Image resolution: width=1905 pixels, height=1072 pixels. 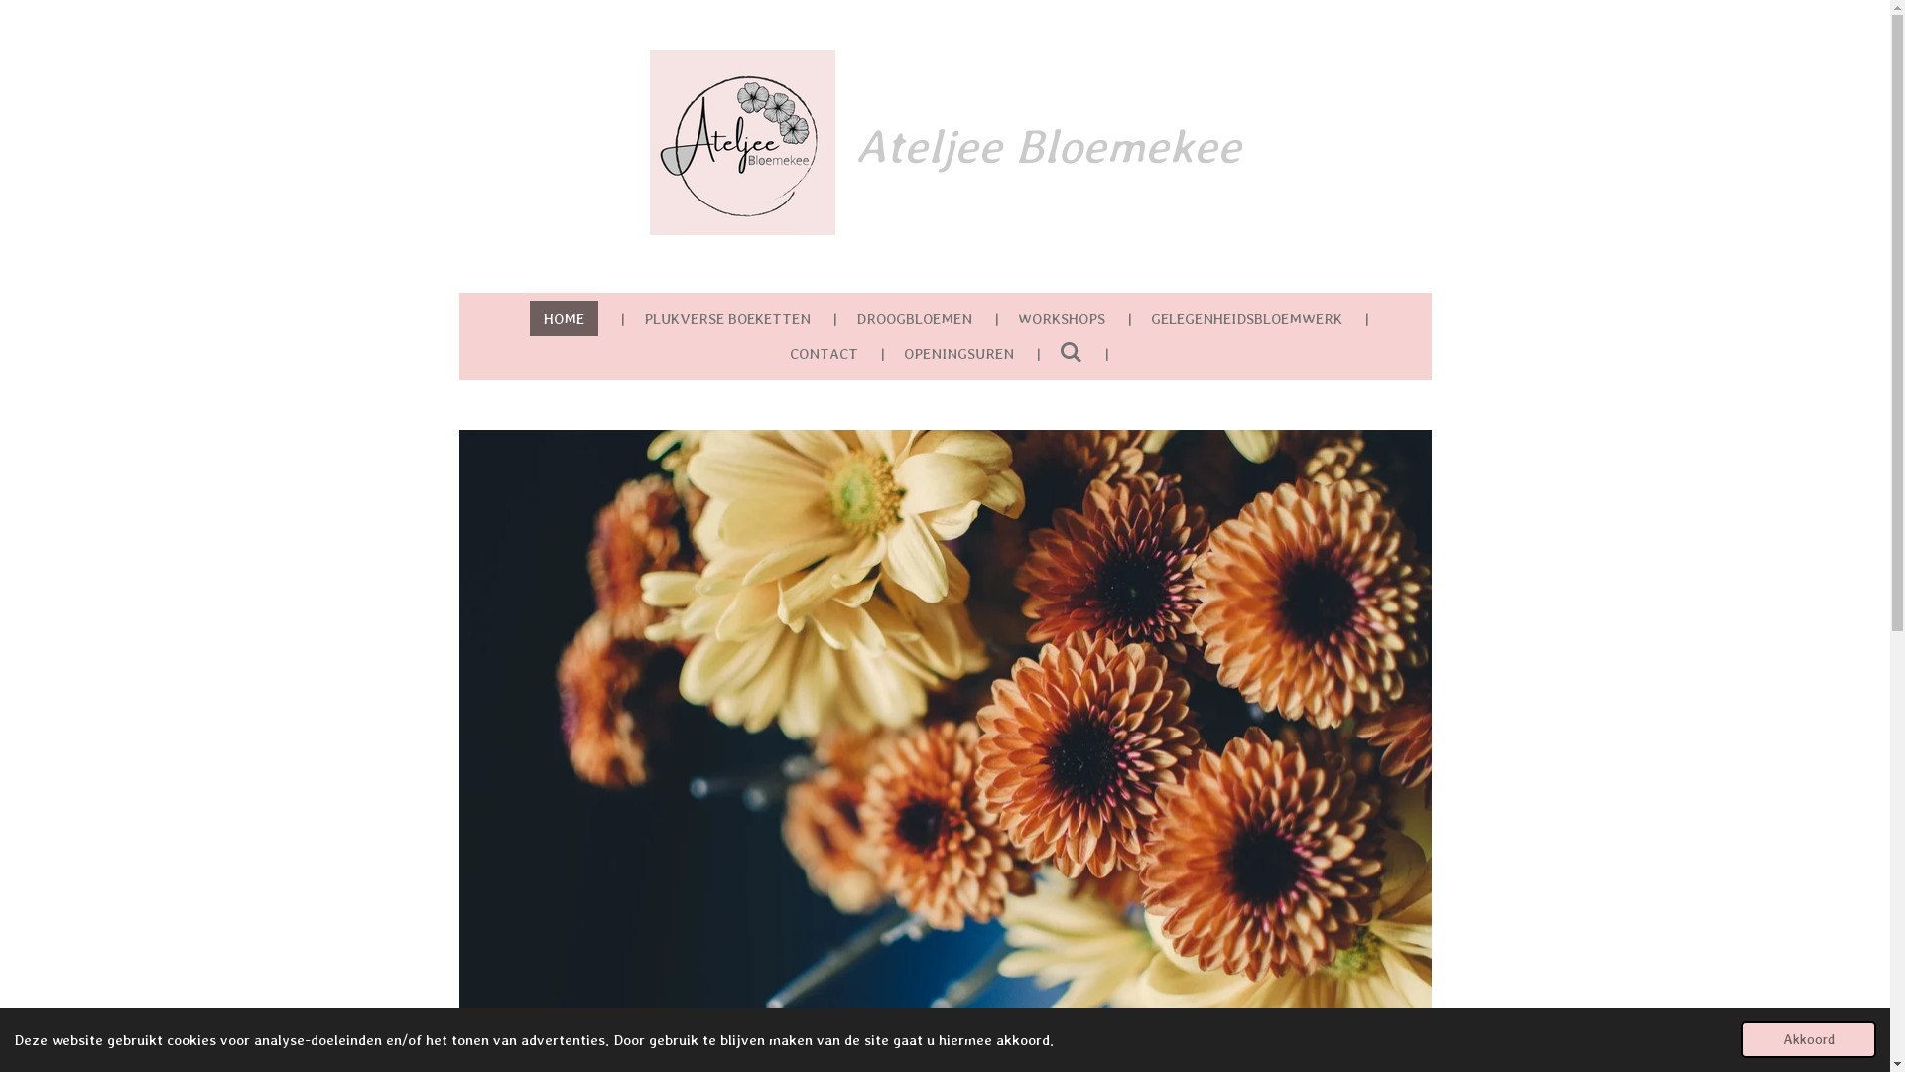 I want to click on 'OPENINGSUREN', so click(x=958, y=351).